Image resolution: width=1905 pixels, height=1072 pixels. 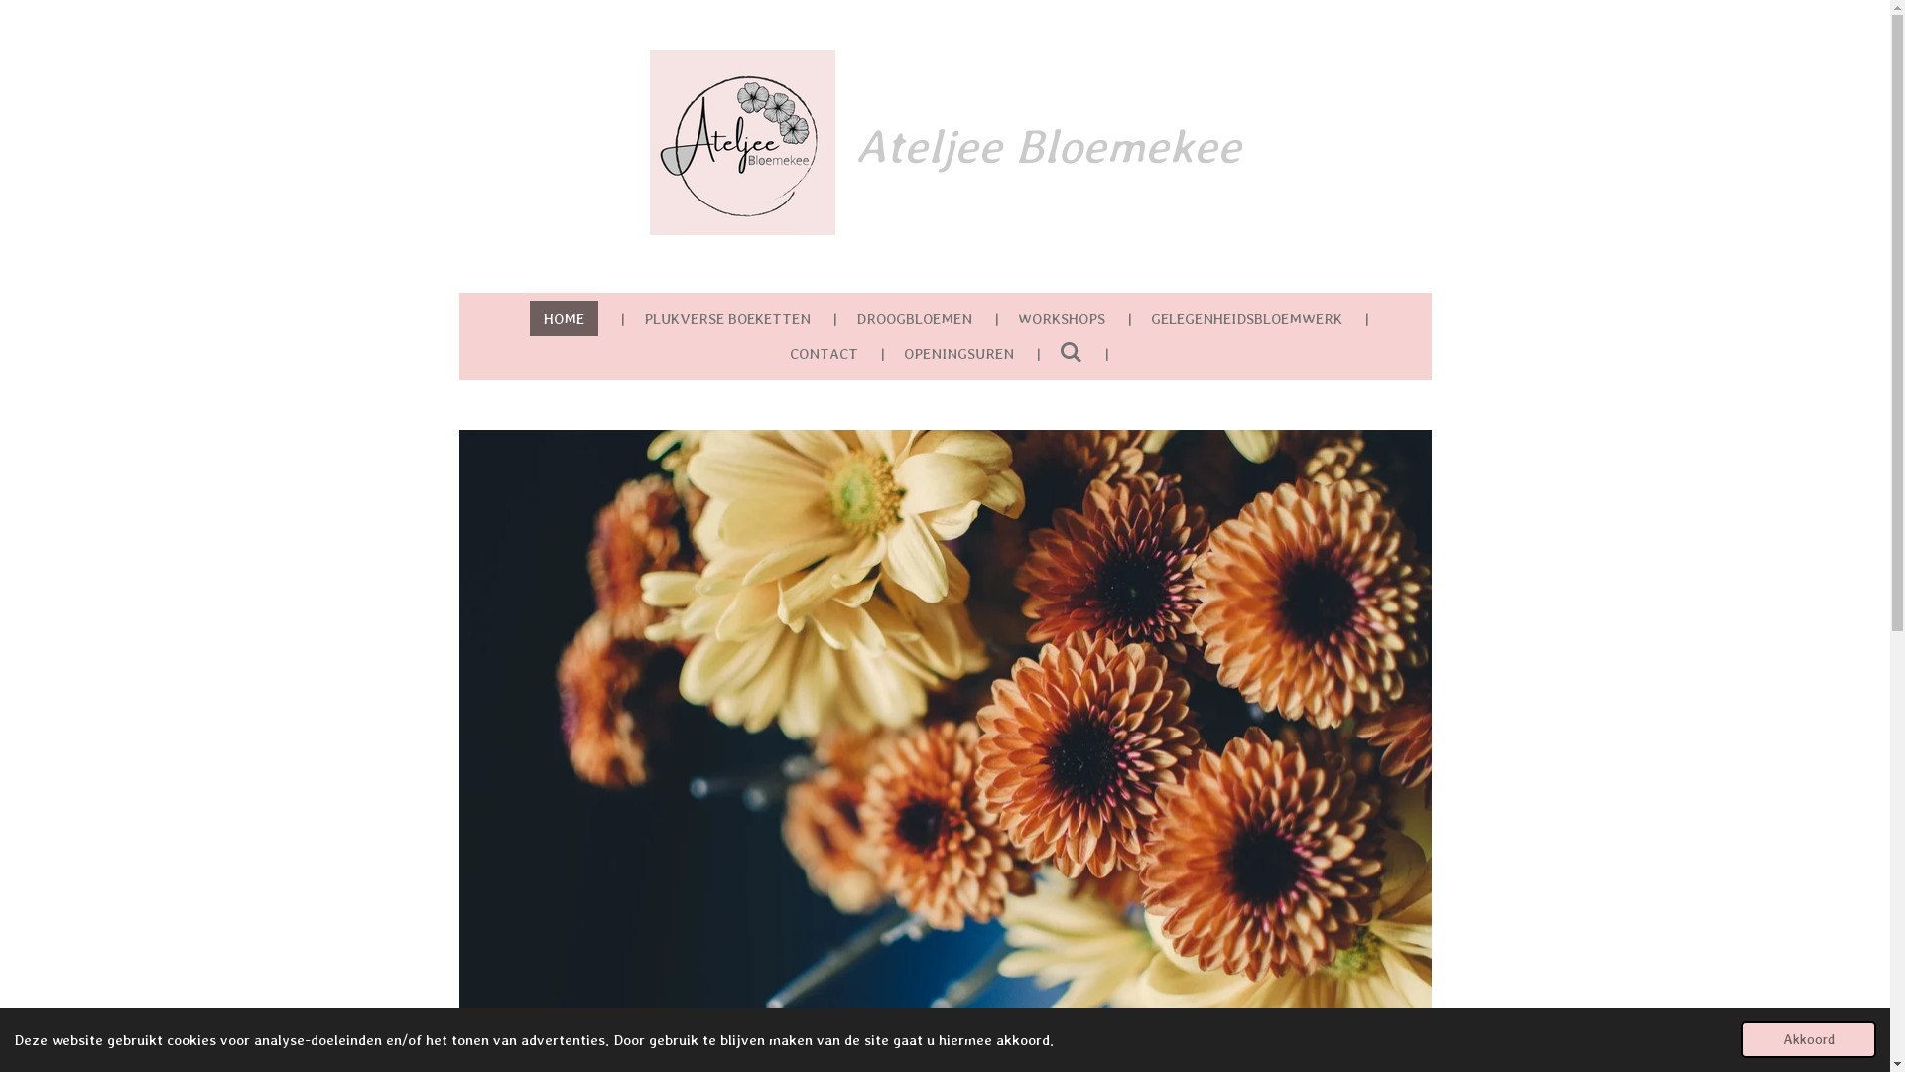 I want to click on 'OPENINGSUREN', so click(x=958, y=351).